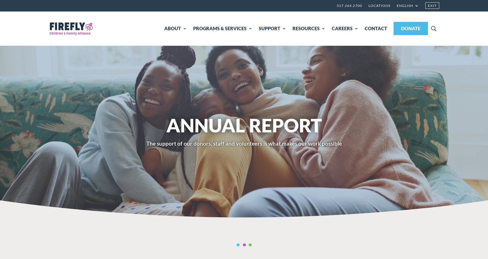 Image resolution: width=488 pixels, height=259 pixels. I want to click on 'Annual Reports', so click(242, 56).